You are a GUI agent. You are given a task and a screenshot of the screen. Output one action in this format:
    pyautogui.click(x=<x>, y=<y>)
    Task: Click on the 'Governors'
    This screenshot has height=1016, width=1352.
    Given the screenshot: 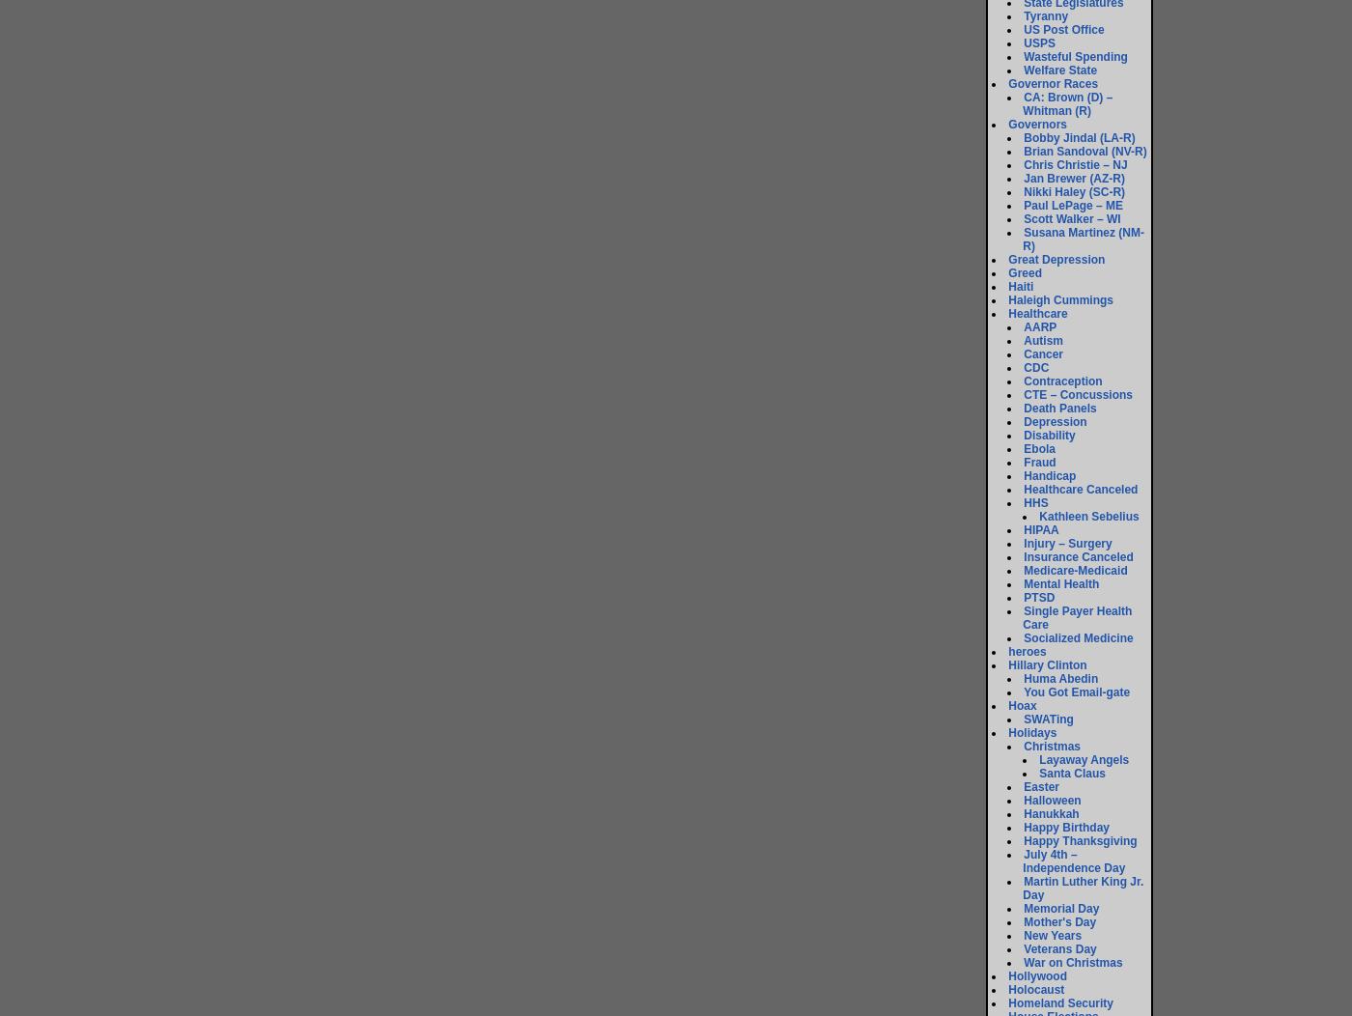 What is the action you would take?
    pyautogui.click(x=1037, y=124)
    